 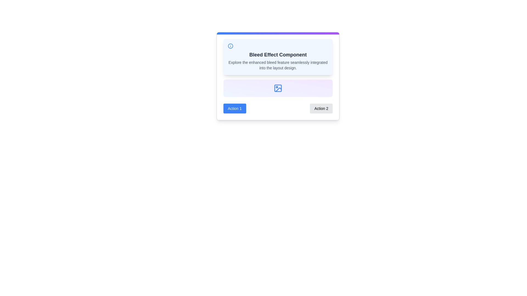 What do you see at coordinates (235, 109) in the screenshot?
I see `the button located at the bottom-left corner of the card` at bounding box center [235, 109].